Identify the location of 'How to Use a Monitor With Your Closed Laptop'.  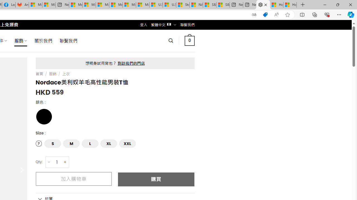
(290, 5).